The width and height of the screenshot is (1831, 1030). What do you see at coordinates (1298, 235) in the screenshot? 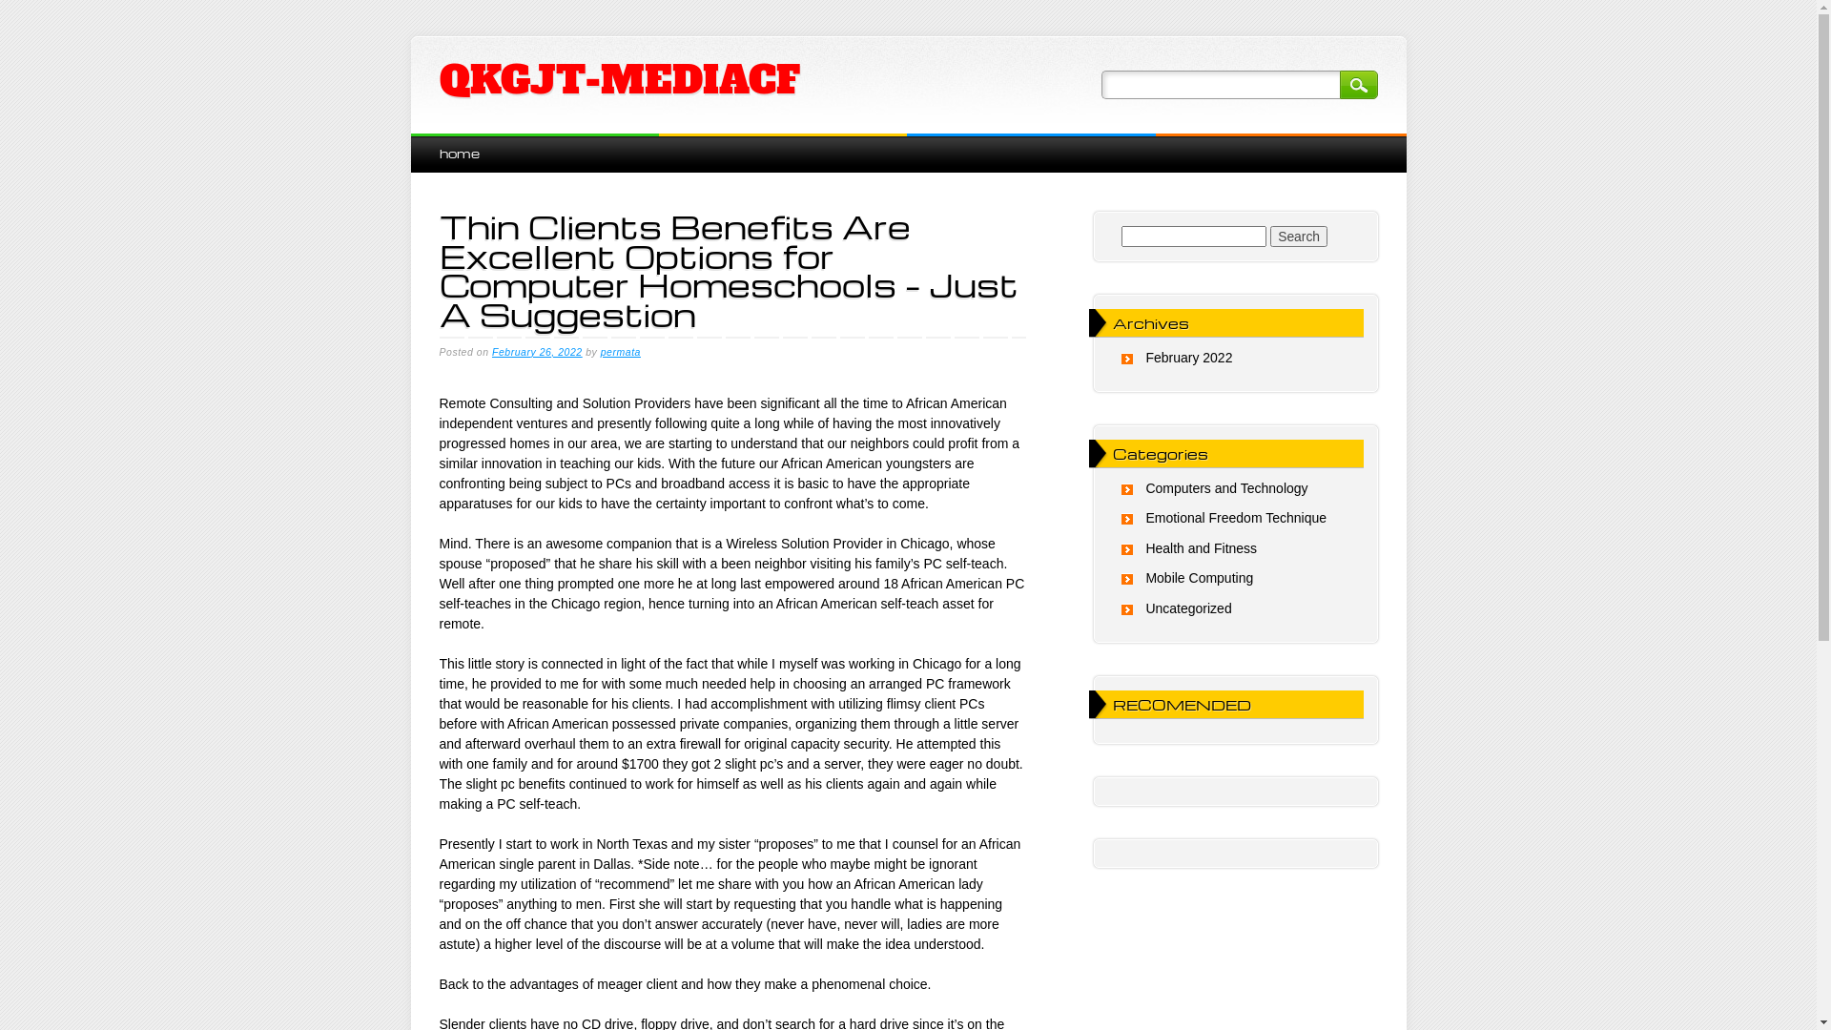
I see `'Search'` at bounding box center [1298, 235].